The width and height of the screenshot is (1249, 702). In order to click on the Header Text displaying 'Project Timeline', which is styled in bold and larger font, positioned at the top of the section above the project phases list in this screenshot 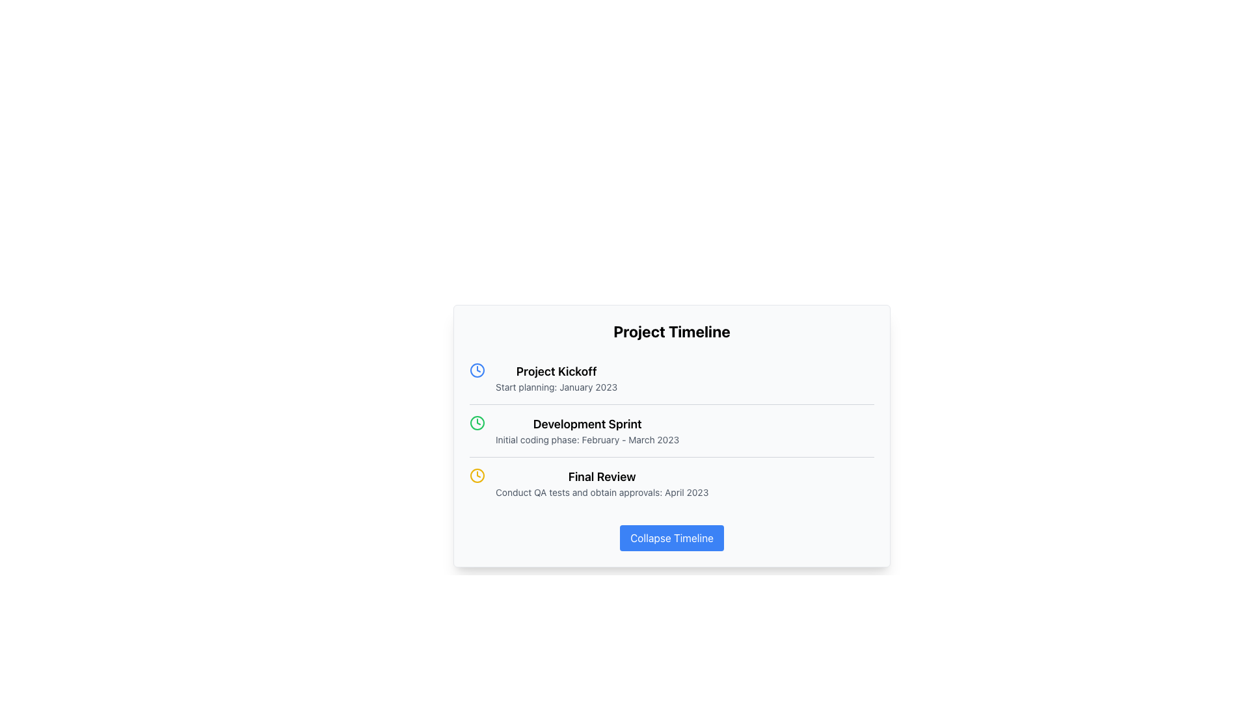, I will do `click(671, 330)`.